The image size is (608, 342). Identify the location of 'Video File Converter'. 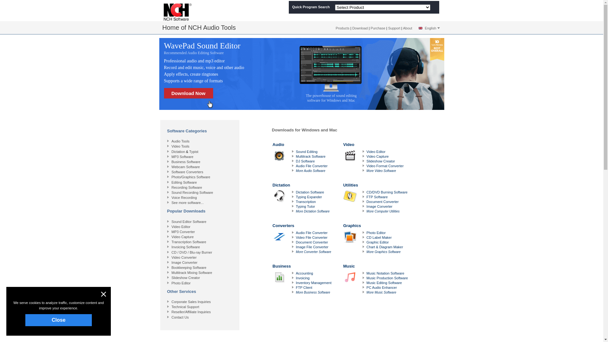
(311, 237).